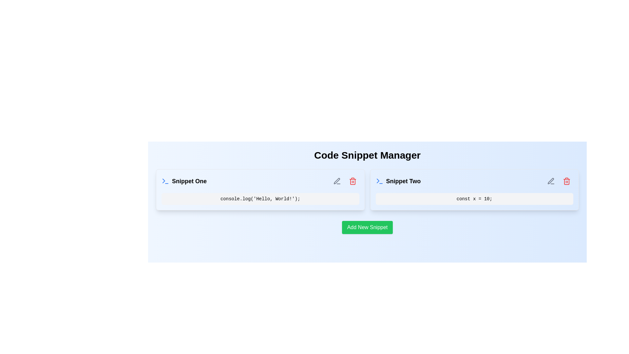 The width and height of the screenshot is (629, 354). Describe the element at coordinates (550, 181) in the screenshot. I see `the edit button located to the right of the 'Snippet Two' label and to the left of the red trash icon to modify the associated snippet` at that location.